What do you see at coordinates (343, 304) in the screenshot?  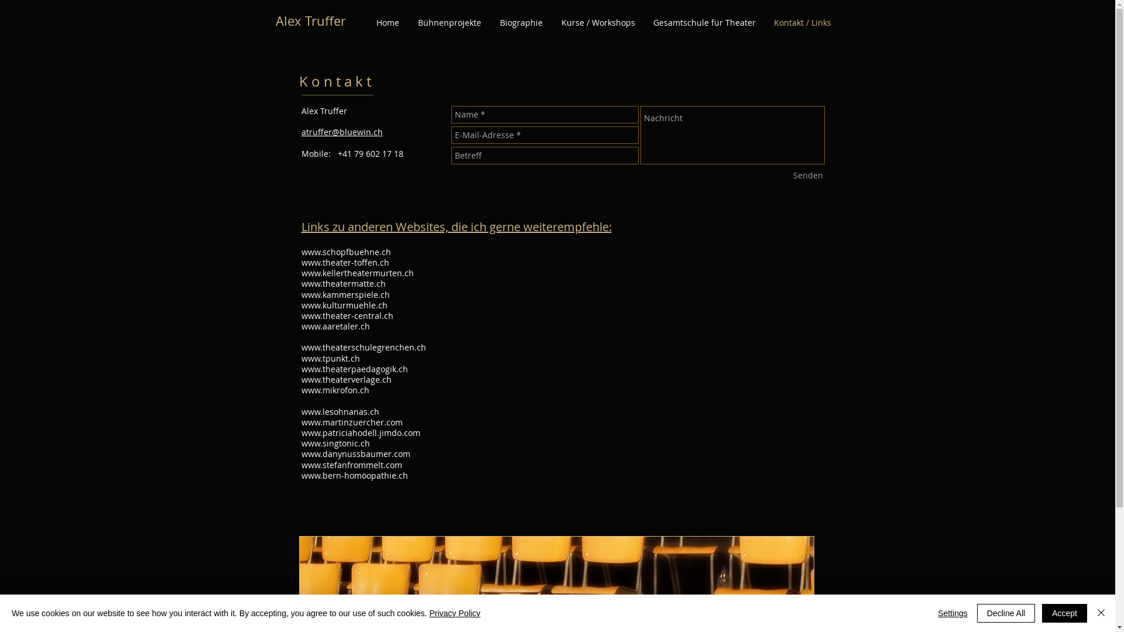 I see `'www.kulturmuehle.ch'` at bounding box center [343, 304].